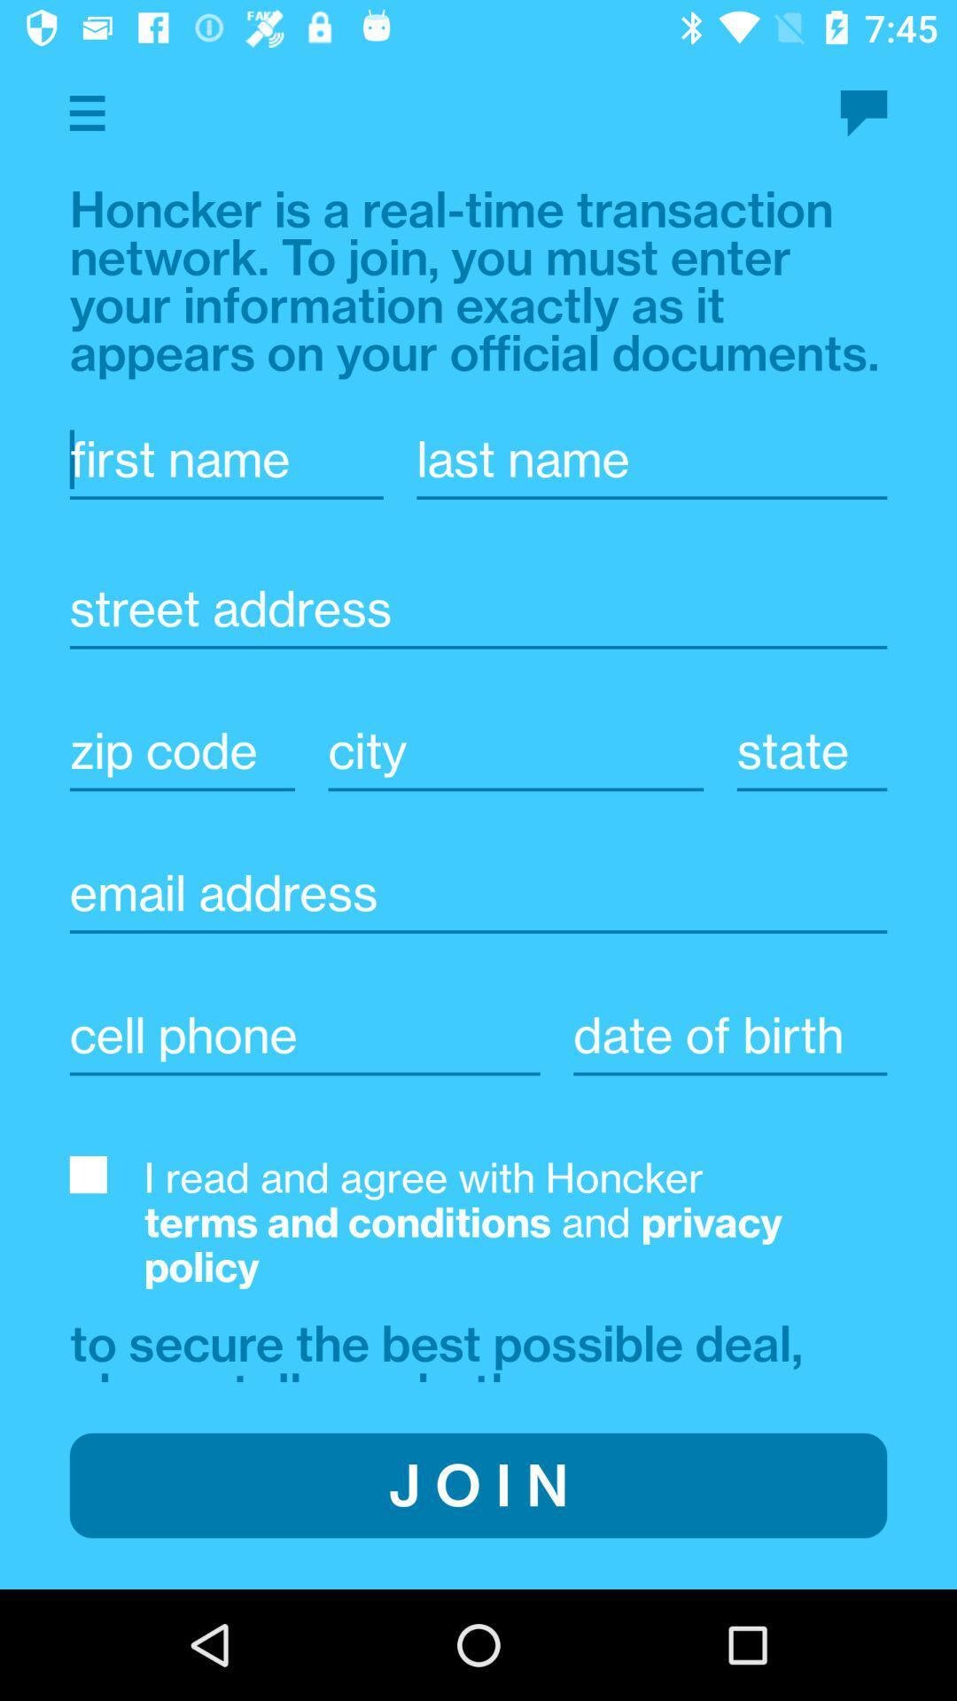  What do you see at coordinates (863, 113) in the screenshot?
I see `you have a email notification` at bounding box center [863, 113].